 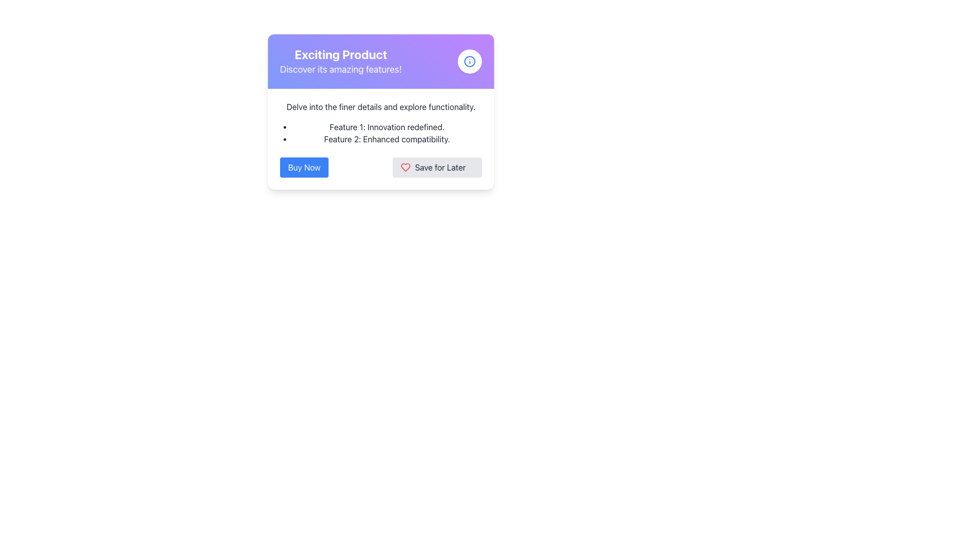 What do you see at coordinates (406, 167) in the screenshot?
I see `the red heart-shaped icon located to the left of the 'Save for Later' button in the lower right corner of the interface card` at bounding box center [406, 167].